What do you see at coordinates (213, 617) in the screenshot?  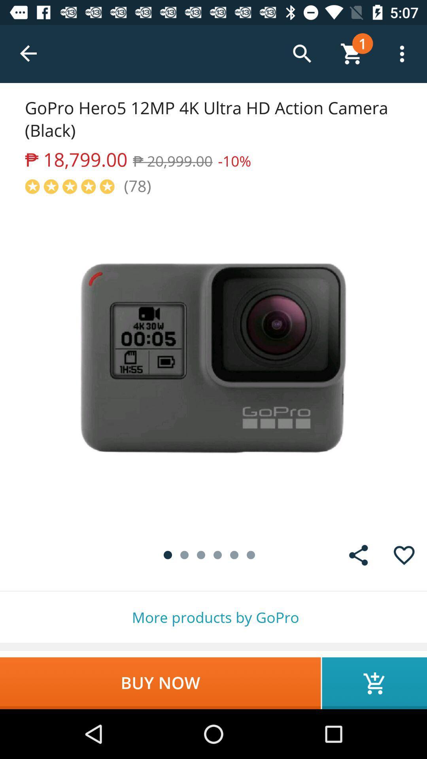 I see `the more products by icon` at bounding box center [213, 617].